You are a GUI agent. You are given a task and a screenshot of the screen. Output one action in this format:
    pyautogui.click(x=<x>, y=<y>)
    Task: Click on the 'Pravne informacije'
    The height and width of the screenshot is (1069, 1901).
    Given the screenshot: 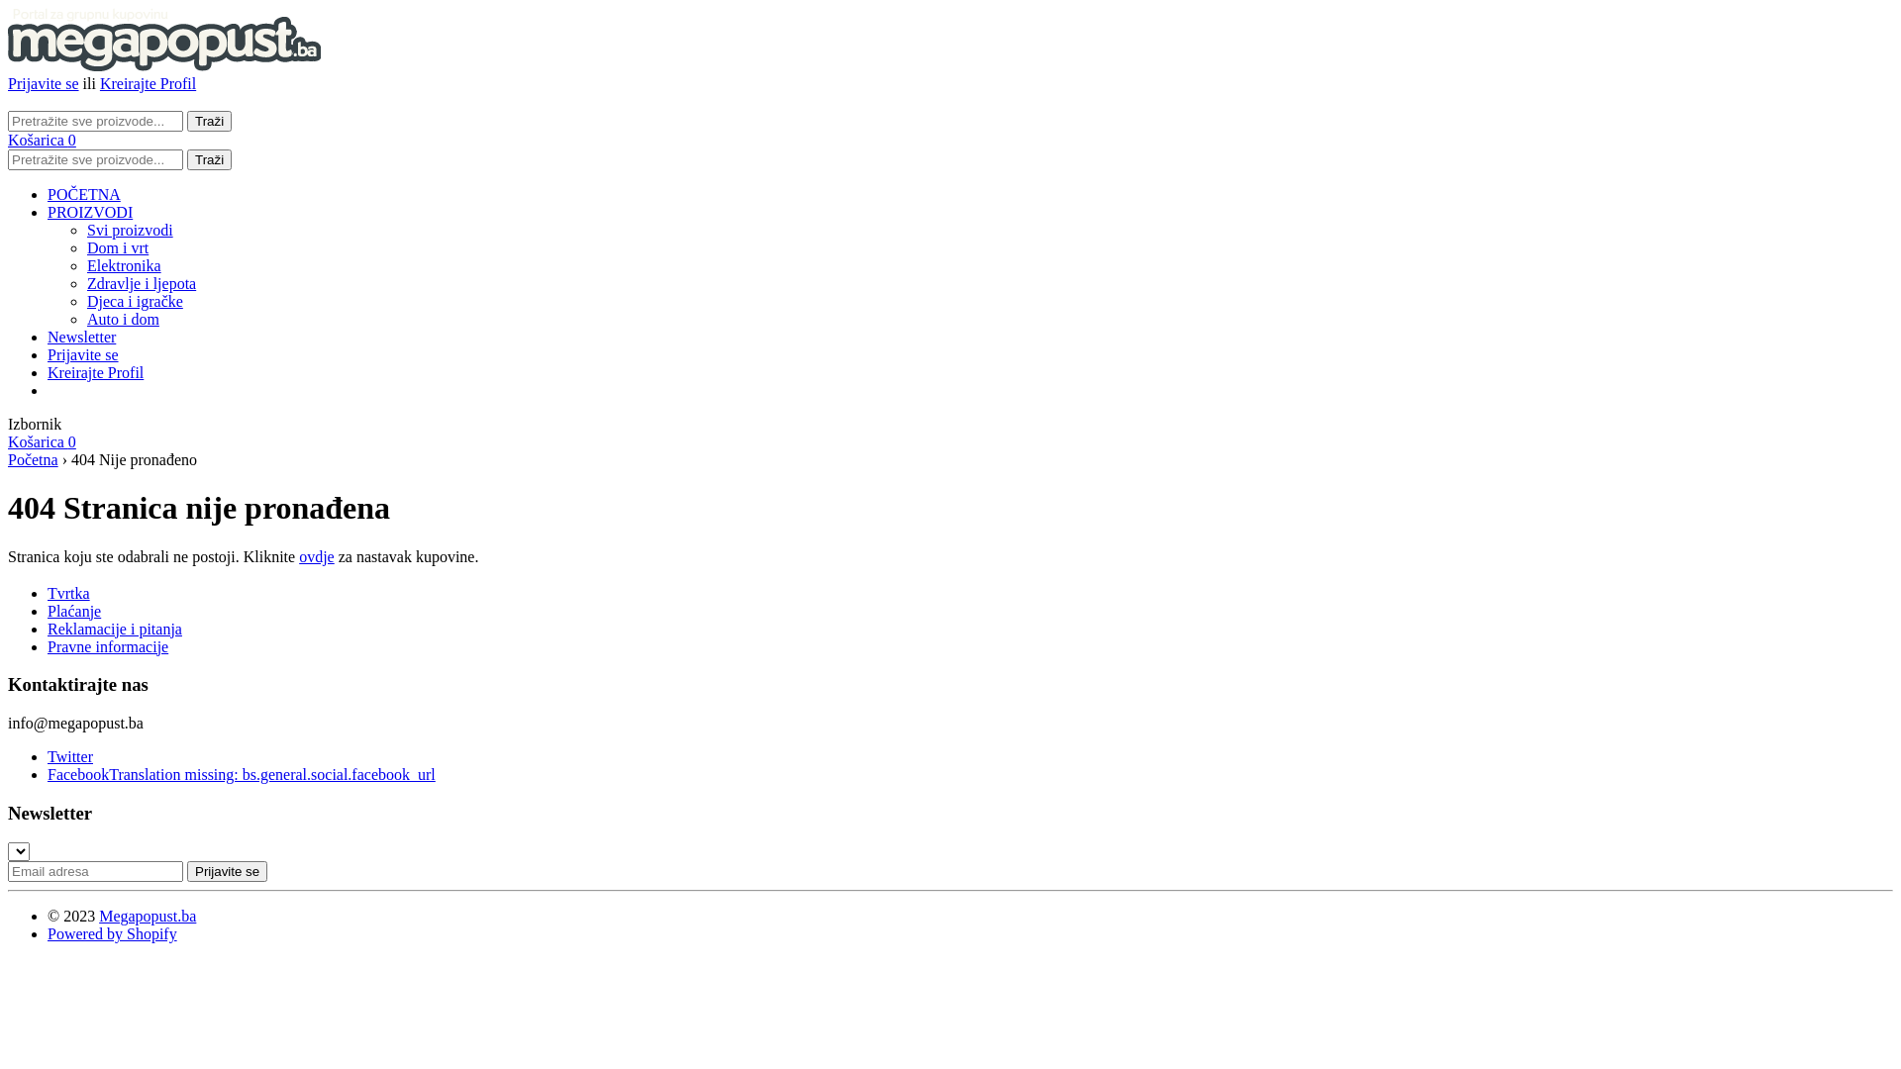 What is the action you would take?
    pyautogui.click(x=107, y=646)
    